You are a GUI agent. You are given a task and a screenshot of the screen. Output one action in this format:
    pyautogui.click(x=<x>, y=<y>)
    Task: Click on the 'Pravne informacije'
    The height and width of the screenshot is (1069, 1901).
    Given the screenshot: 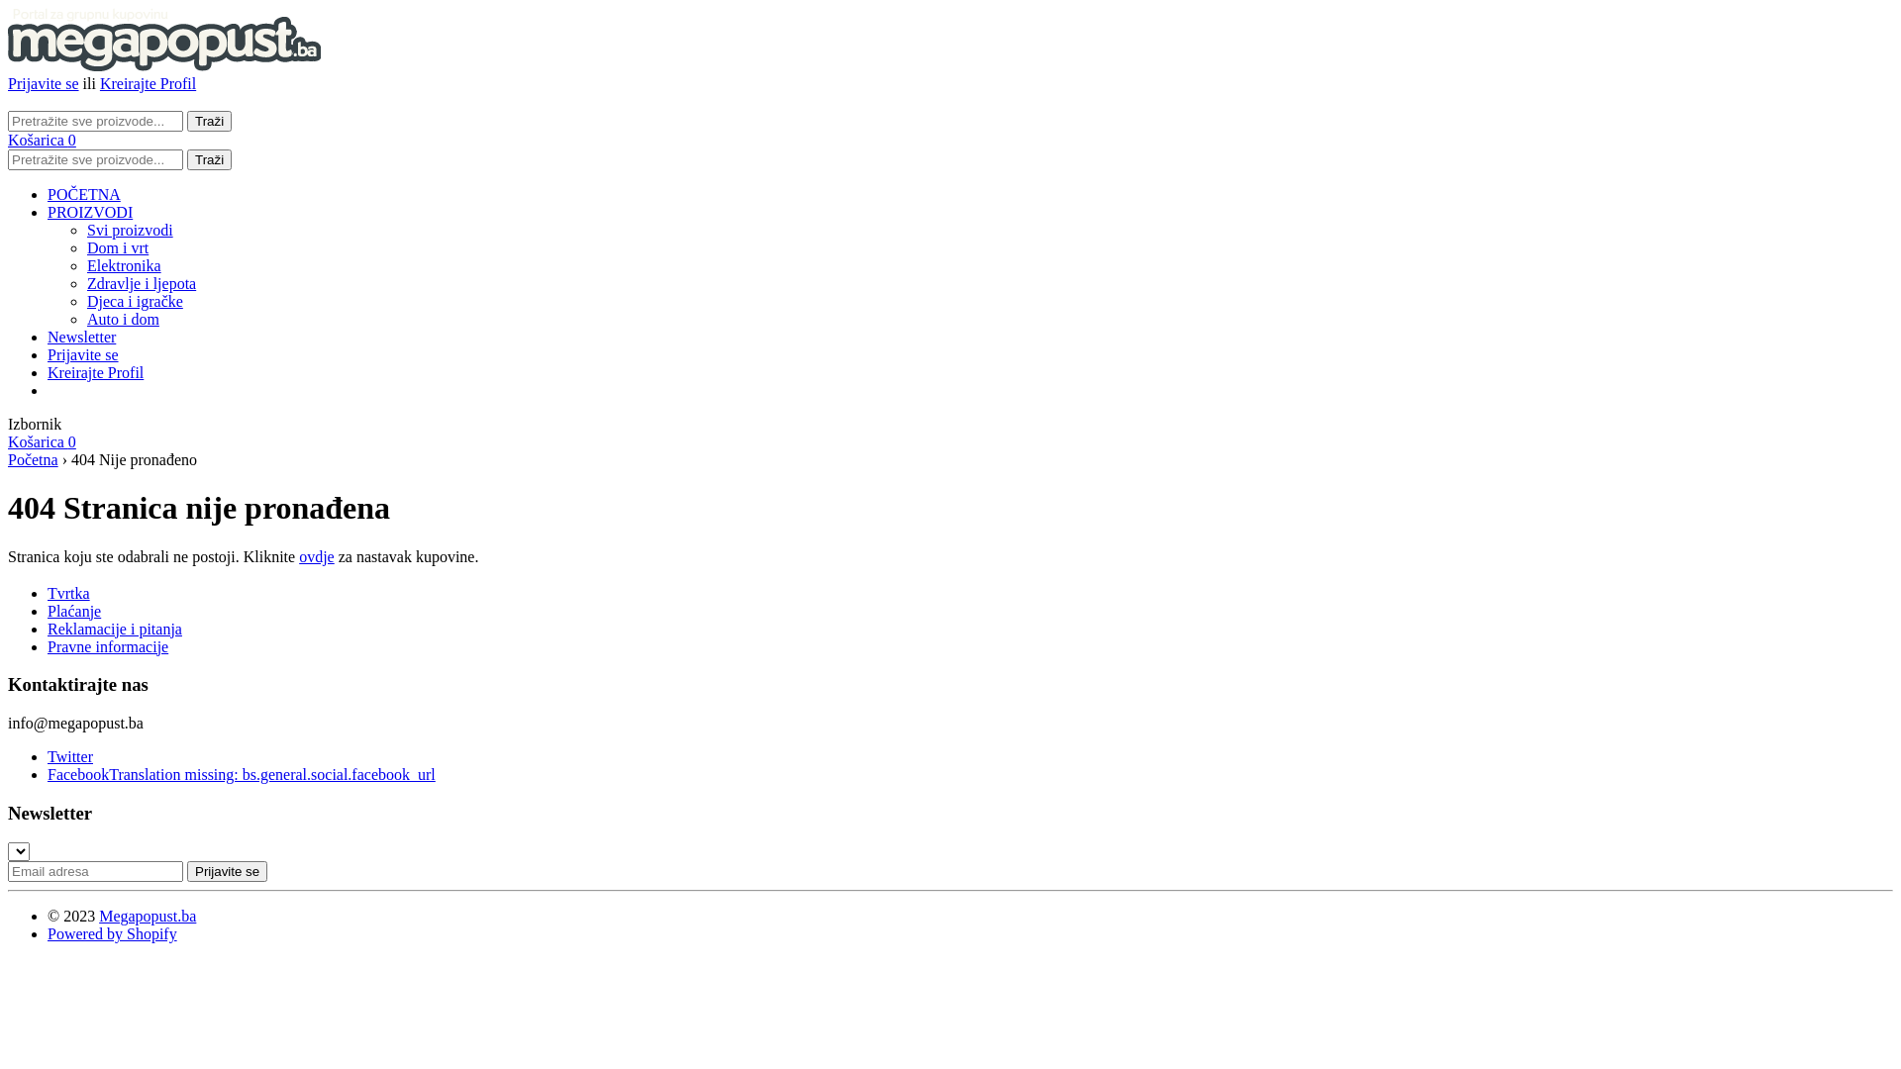 What is the action you would take?
    pyautogui.click(x=107, y=646)
    